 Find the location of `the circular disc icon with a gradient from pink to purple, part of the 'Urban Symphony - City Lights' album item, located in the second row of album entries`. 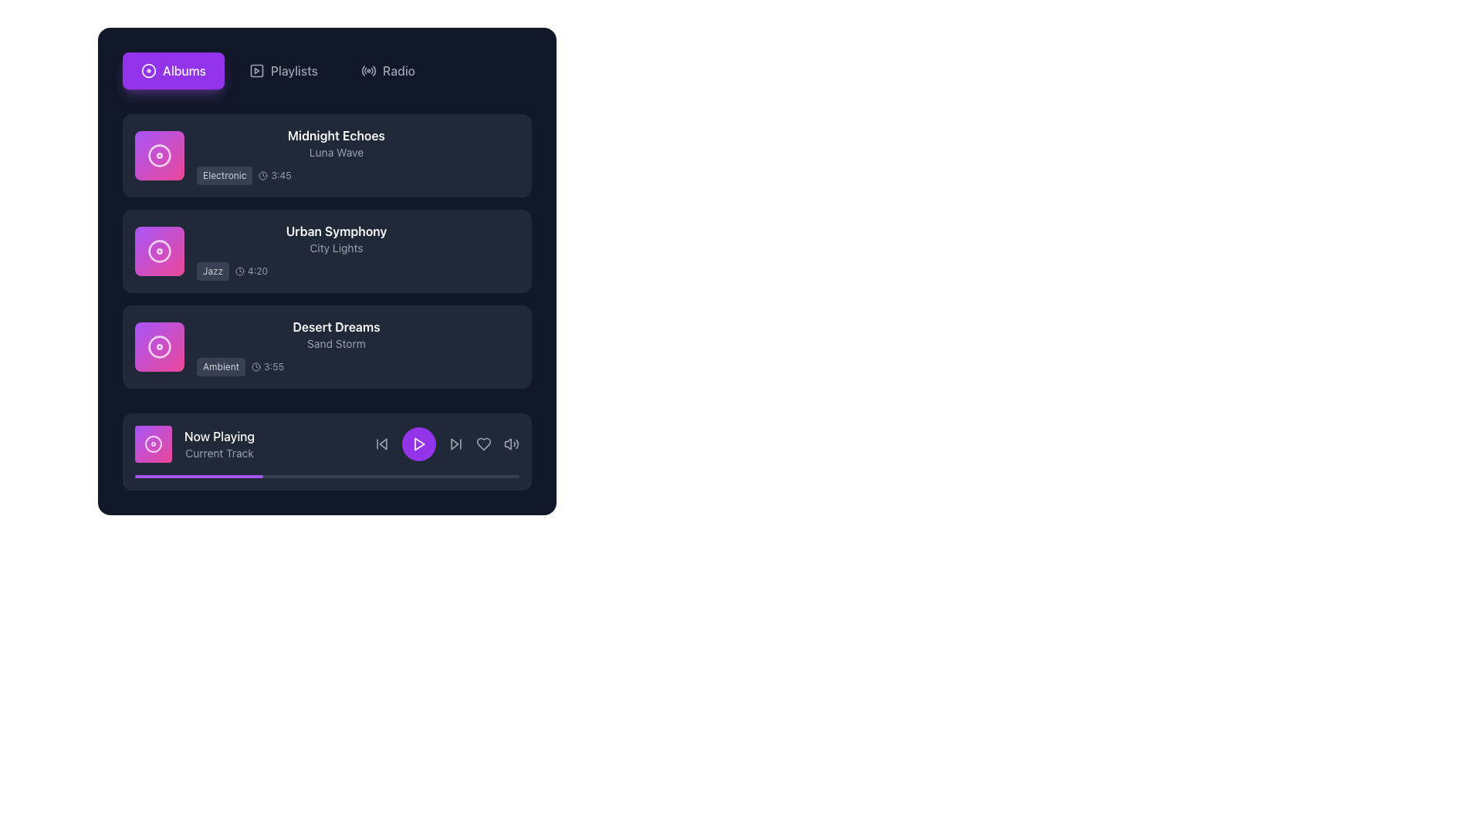

the circular disc icon with a gradient from pink to purple, part of the 'Urban Symphony - City Lights' album item, located in the second row of album entries is located at coordinates (159, 251).